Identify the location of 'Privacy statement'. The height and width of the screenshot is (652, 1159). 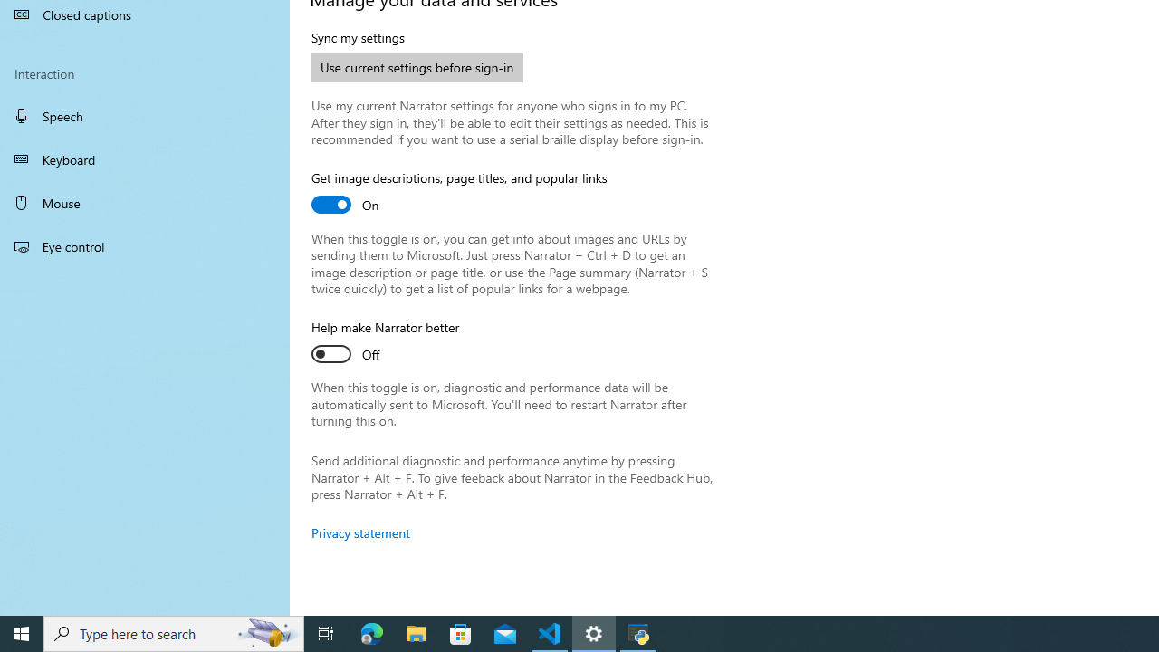
(360, 532).